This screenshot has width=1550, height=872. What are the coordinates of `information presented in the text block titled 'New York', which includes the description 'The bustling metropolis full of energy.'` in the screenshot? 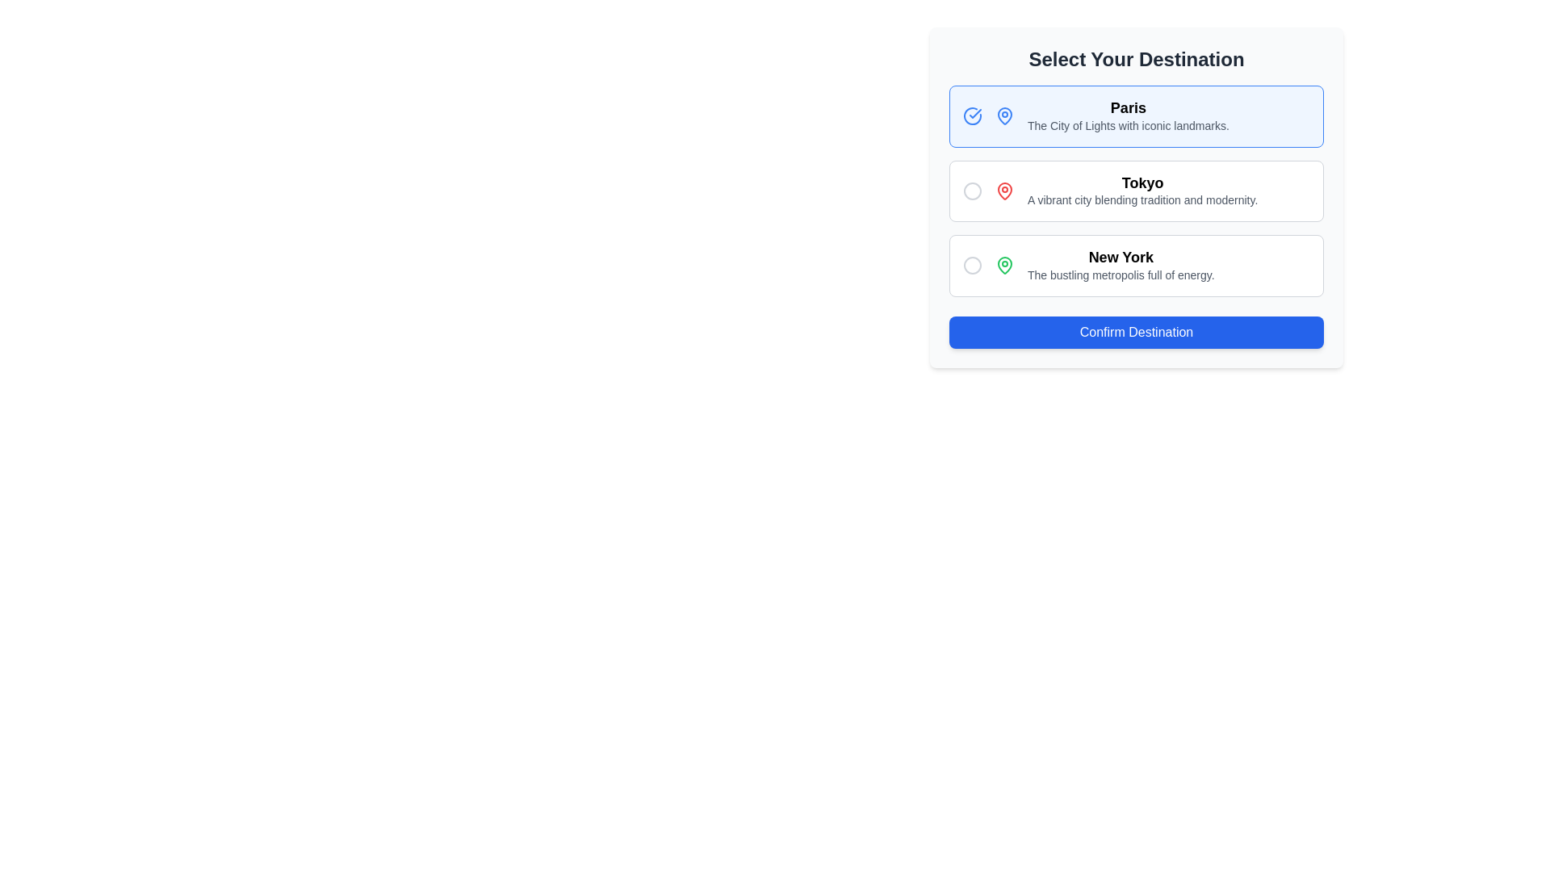 It's located at (1120, 265).